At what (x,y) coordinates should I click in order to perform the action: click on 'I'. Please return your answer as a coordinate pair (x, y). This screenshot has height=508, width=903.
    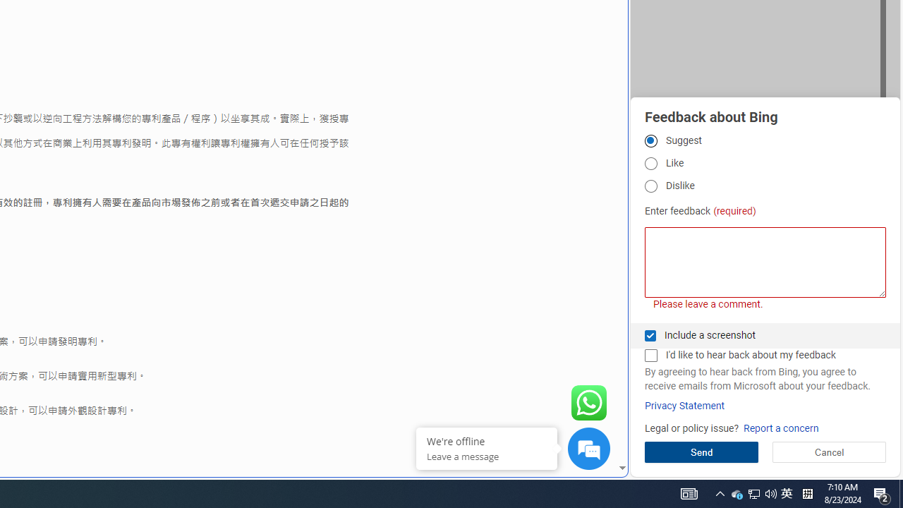
    Looking at the image, I should click on (650, 354).